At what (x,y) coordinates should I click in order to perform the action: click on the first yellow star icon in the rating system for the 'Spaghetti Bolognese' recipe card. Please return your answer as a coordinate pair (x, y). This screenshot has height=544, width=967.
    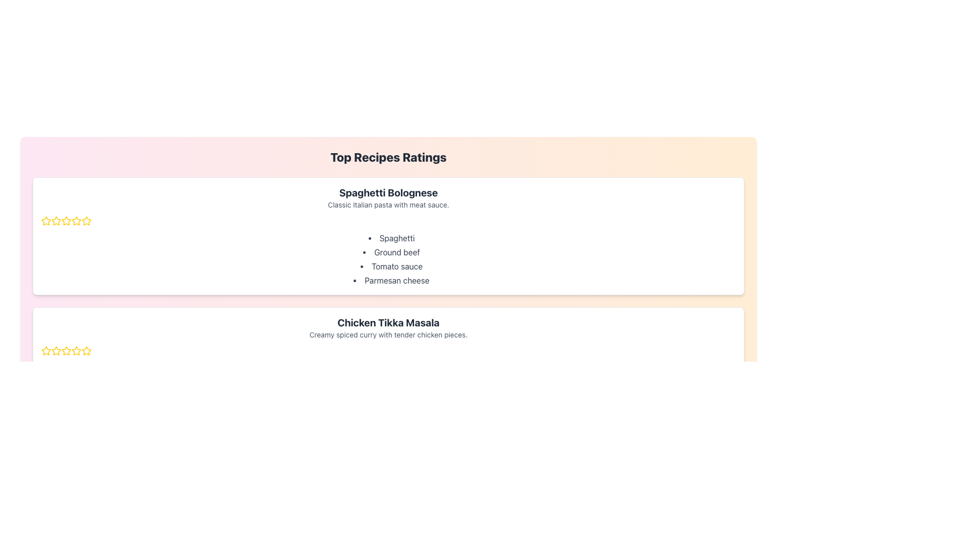
    Looking at the image, I should click on (45, 220).